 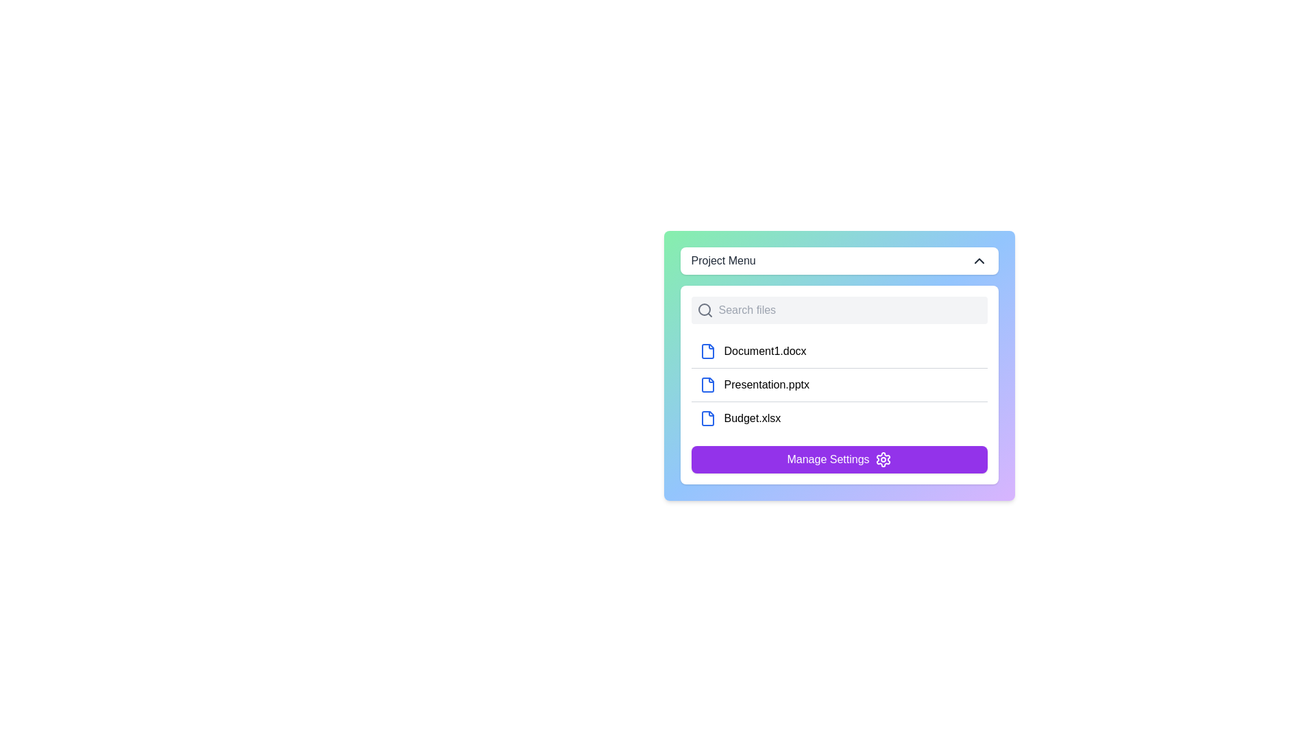 I want to click on the downward arrow icon of the dropdown indicator located next to the 'Project Menu' text in the upper right corner of the menu bar, so click(x=978, y=261).